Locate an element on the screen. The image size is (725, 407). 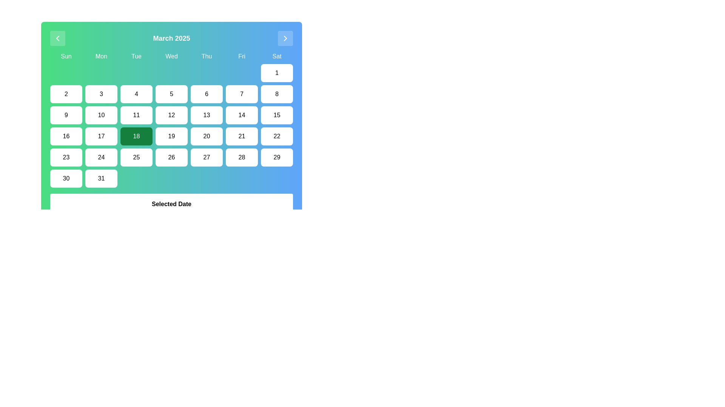
the date selector button for the date '22' in the calendar interface to observe a background change is located at coordinates (276, 136).